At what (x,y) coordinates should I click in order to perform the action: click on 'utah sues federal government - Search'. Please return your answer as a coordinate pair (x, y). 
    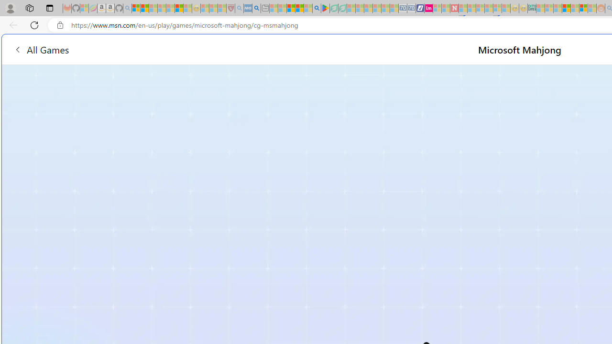
    Looking at the image, I should click on (256, 8).